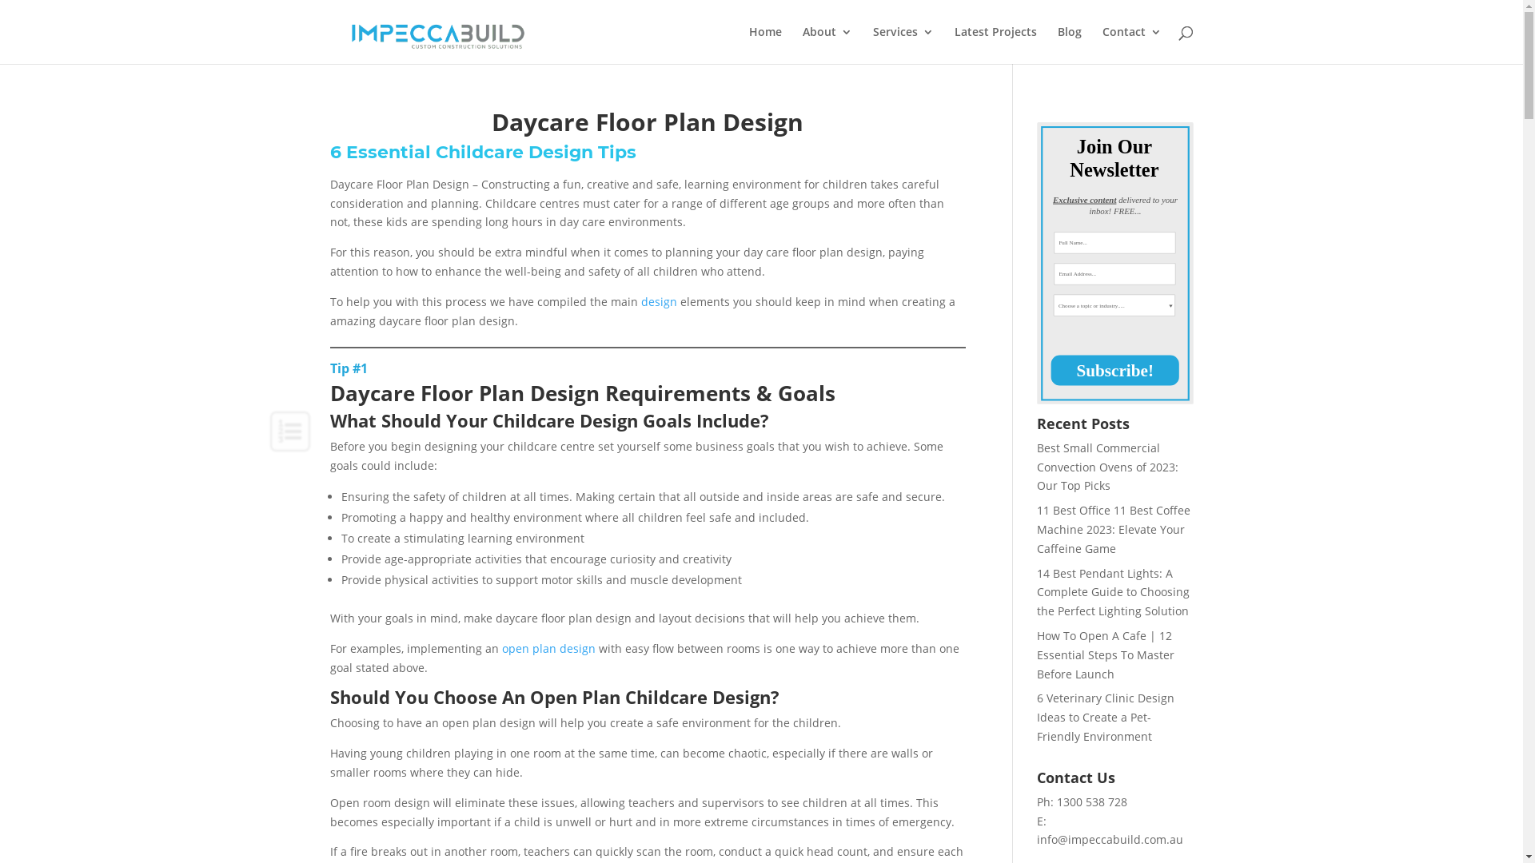 This screenshot has height=863, width=1535. I want to click on 'Home', so click(764, 44).